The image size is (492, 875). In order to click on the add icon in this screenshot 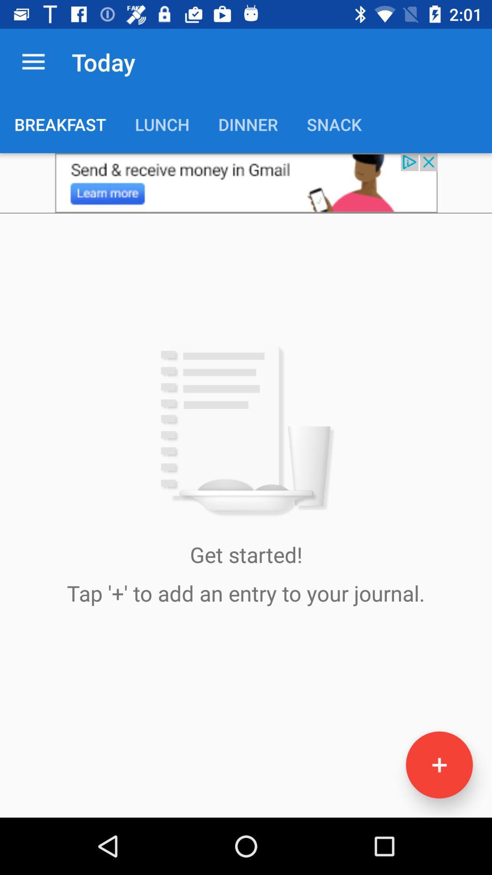, I will do `click(439, 765)`.